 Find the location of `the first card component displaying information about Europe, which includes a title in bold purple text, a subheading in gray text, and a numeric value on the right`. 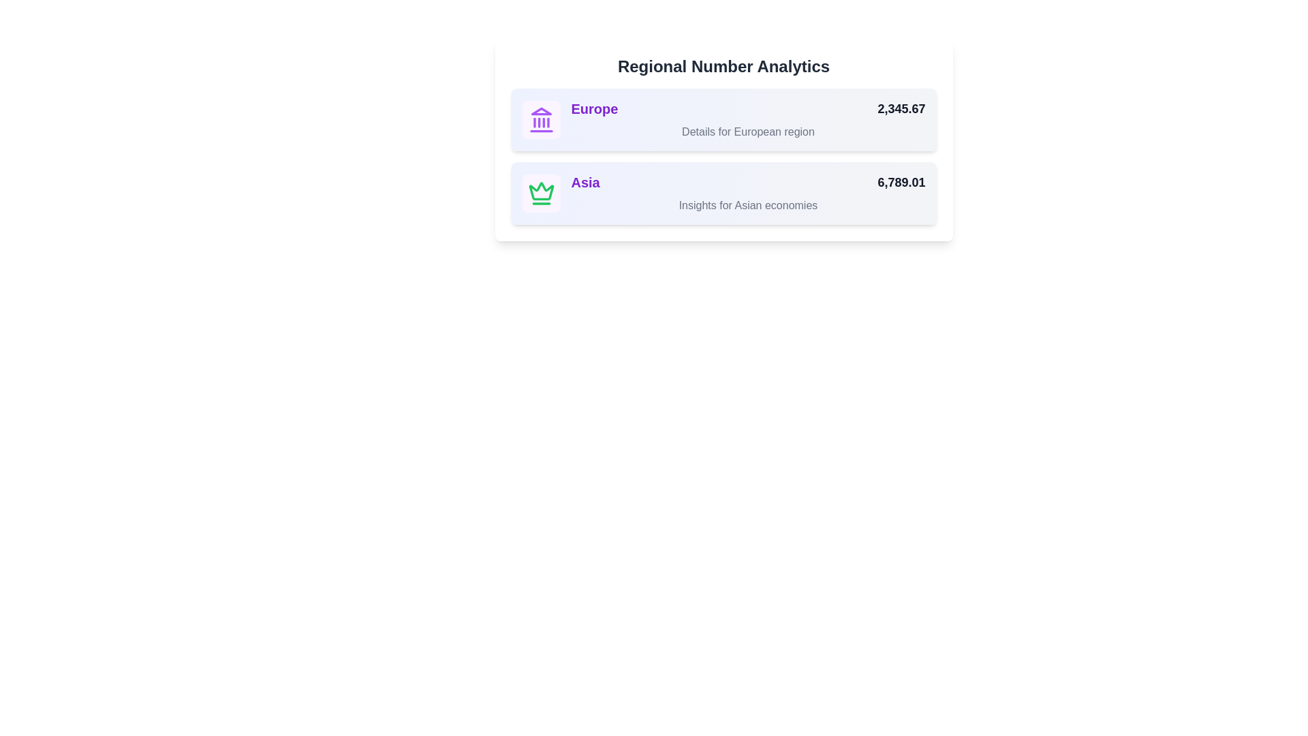

the first card component displaying information about Europe, which includes a title in bold purple text, a subheading in gray text, and a numeric value on the right is located at coordinates (723, 140).